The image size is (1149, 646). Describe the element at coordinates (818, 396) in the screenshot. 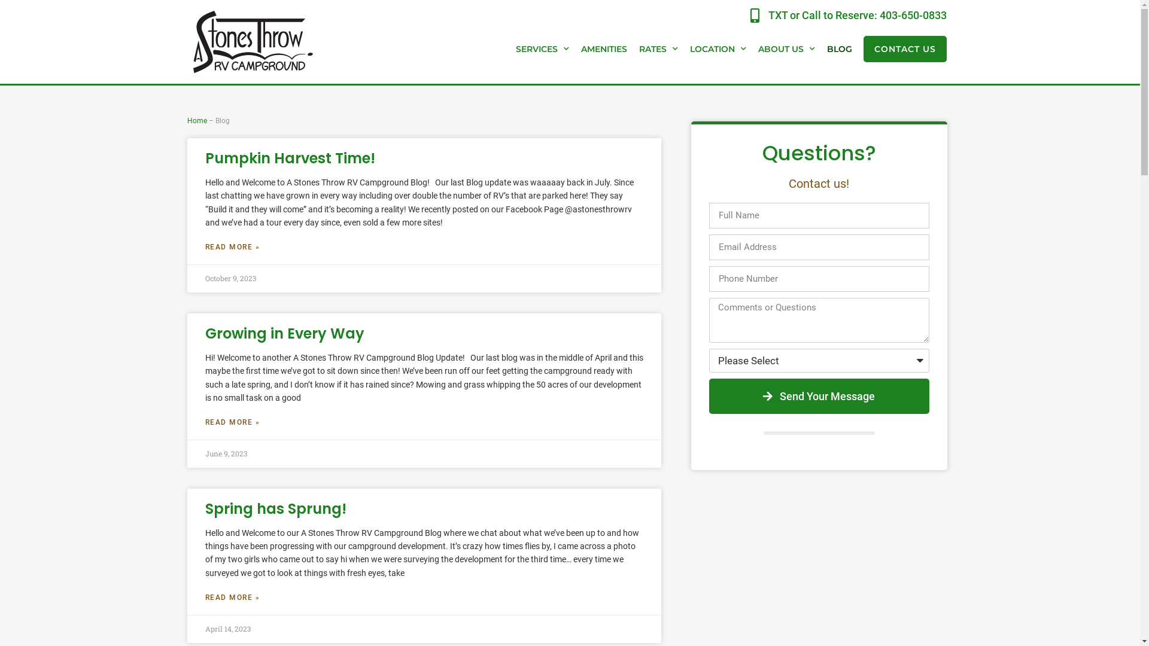

I see `'Send Your Message'` at that location.